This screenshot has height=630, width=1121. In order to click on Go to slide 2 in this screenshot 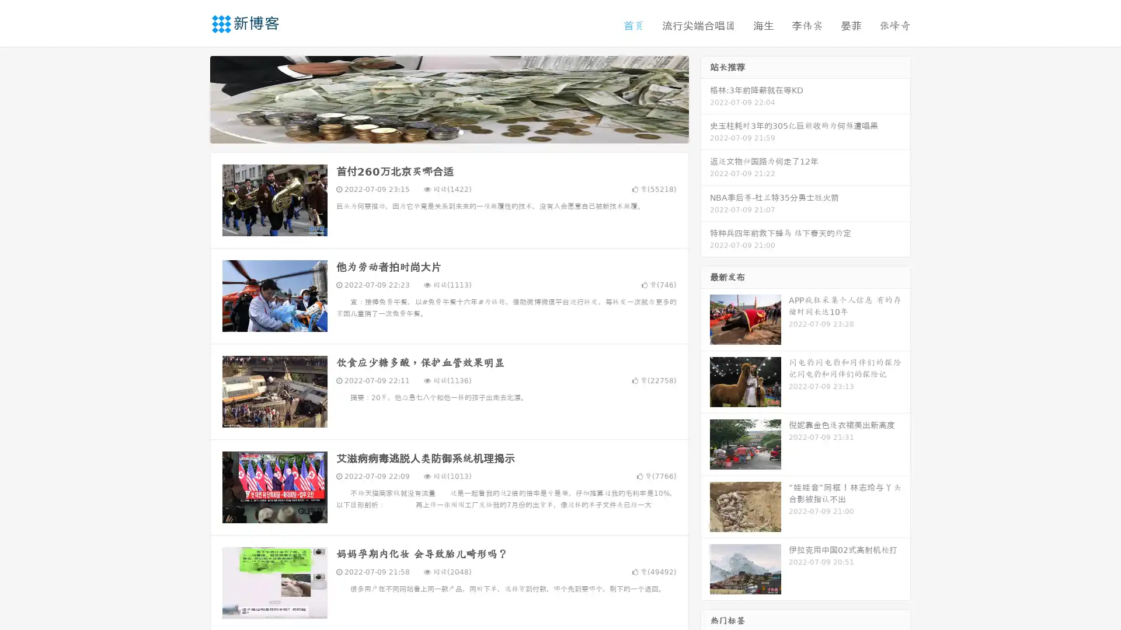, I will do `click(448, 131)`.